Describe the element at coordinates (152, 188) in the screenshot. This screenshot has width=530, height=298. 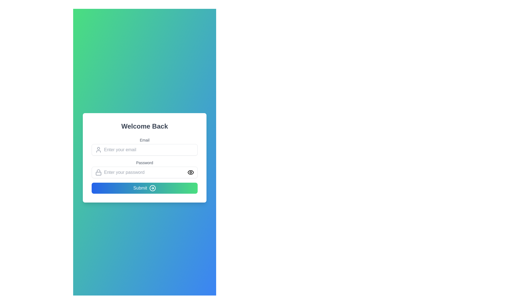
I see `the circular vector graphic component that is part of the arrow icon located just to the right of the 'Submit' button in the login form` at that location.